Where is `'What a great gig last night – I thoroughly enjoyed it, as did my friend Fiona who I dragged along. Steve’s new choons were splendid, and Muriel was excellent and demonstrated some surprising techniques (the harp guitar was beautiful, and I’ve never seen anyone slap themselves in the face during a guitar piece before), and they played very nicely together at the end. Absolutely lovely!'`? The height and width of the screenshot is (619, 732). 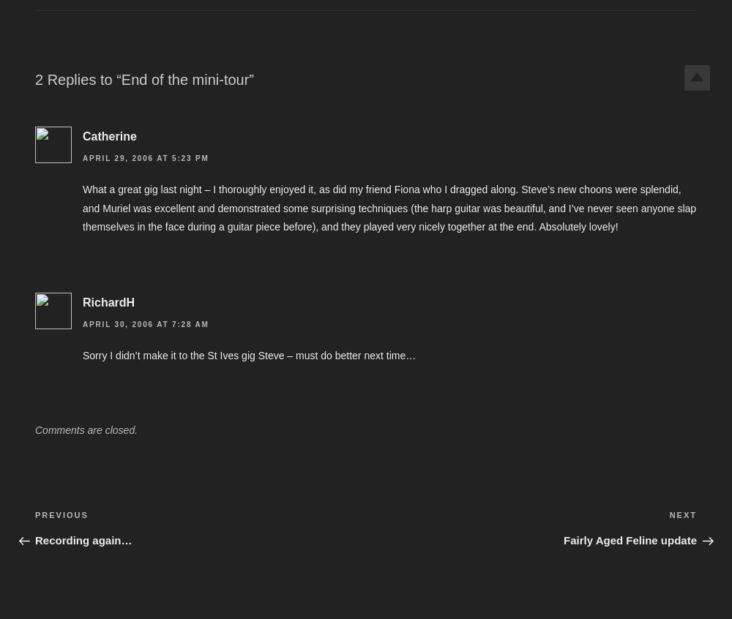 'What a great gig last night – I thoroughly enjoyed it, as did my friend Fiona who I dragged along. Steve’s new choons were splendid, and Muriel was excellent and demonstrated some surprising techniques (the harp guitar was beautiful, and I’ve never seen anyone slap themselves in the face during a guitar piece before), and they played very nicely together at the end. Absolutely lovely!' is located at coordinates (389, 207).